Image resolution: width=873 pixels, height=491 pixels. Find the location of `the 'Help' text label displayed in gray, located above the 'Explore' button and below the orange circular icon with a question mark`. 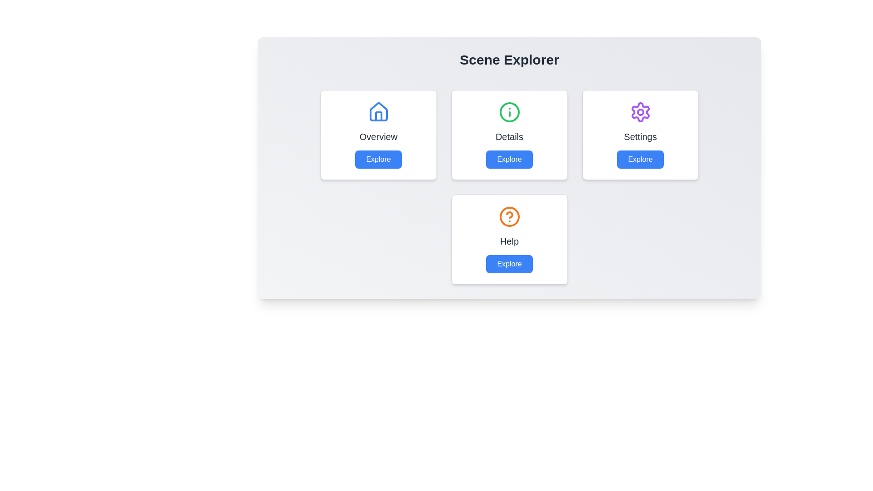

the 'Help' text label displayed in gray, located above the 'Explore' button and below the orange circular icon with a question mark is located at coordinates (509, 241).